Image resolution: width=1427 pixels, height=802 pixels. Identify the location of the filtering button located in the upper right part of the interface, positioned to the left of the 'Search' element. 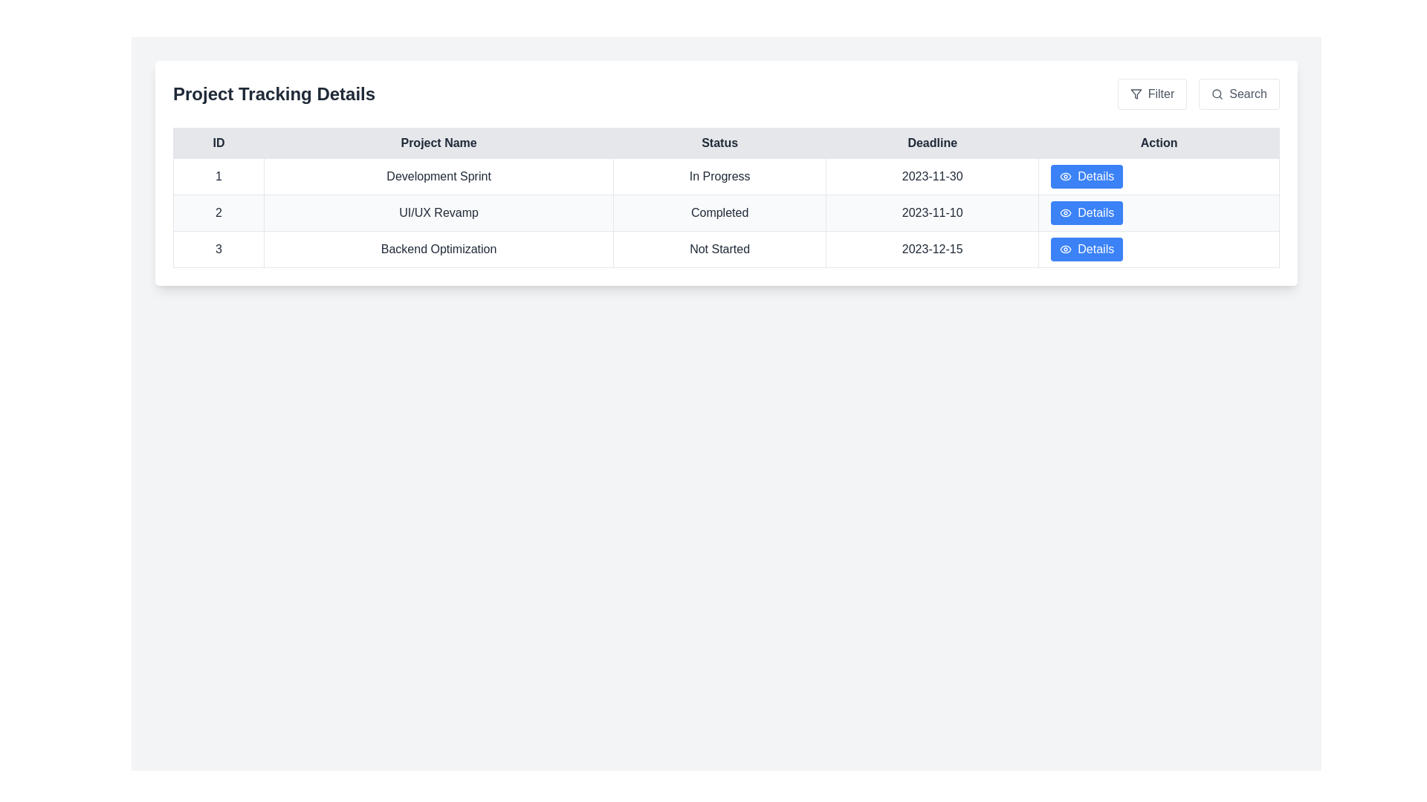
(1151, 94).